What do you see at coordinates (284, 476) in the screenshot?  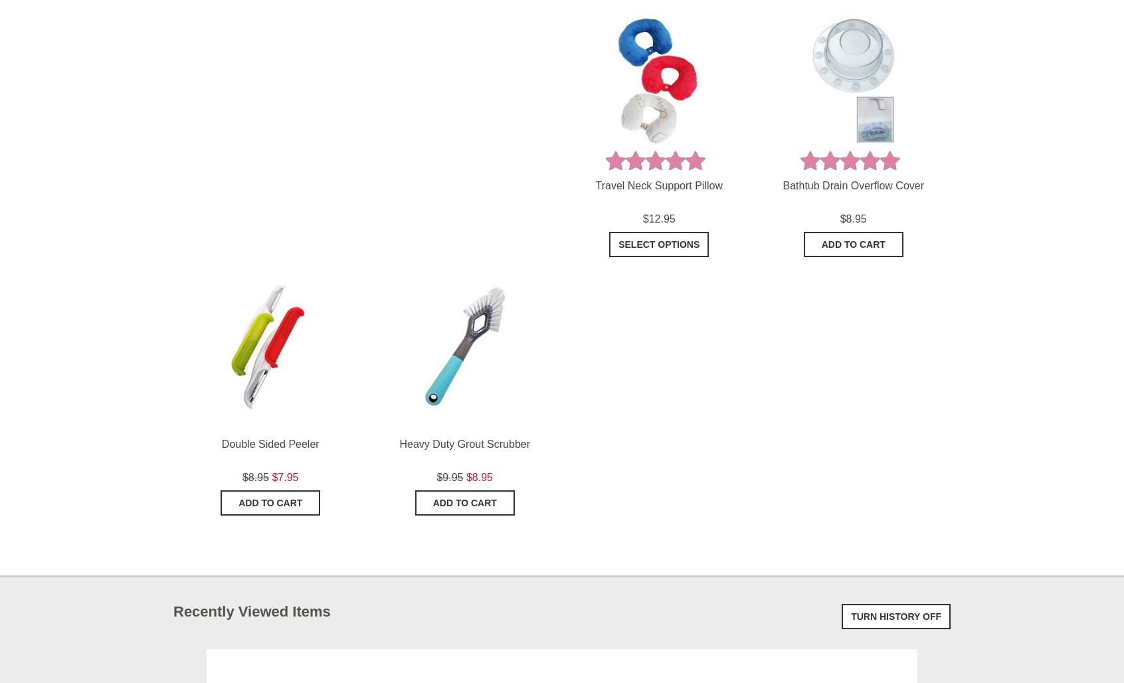 I see `'$7.95'` at bounding box center [284, 476].